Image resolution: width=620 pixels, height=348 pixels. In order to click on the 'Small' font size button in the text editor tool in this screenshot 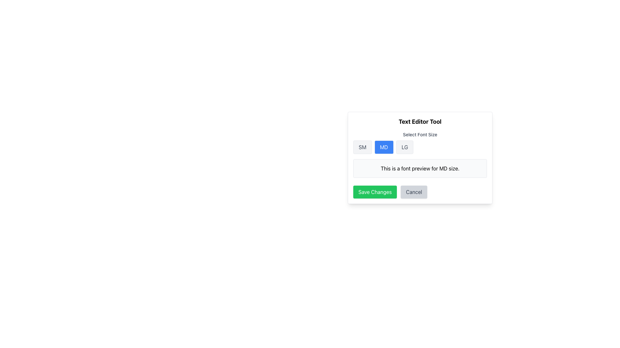, I will do `click(362, 147)`.